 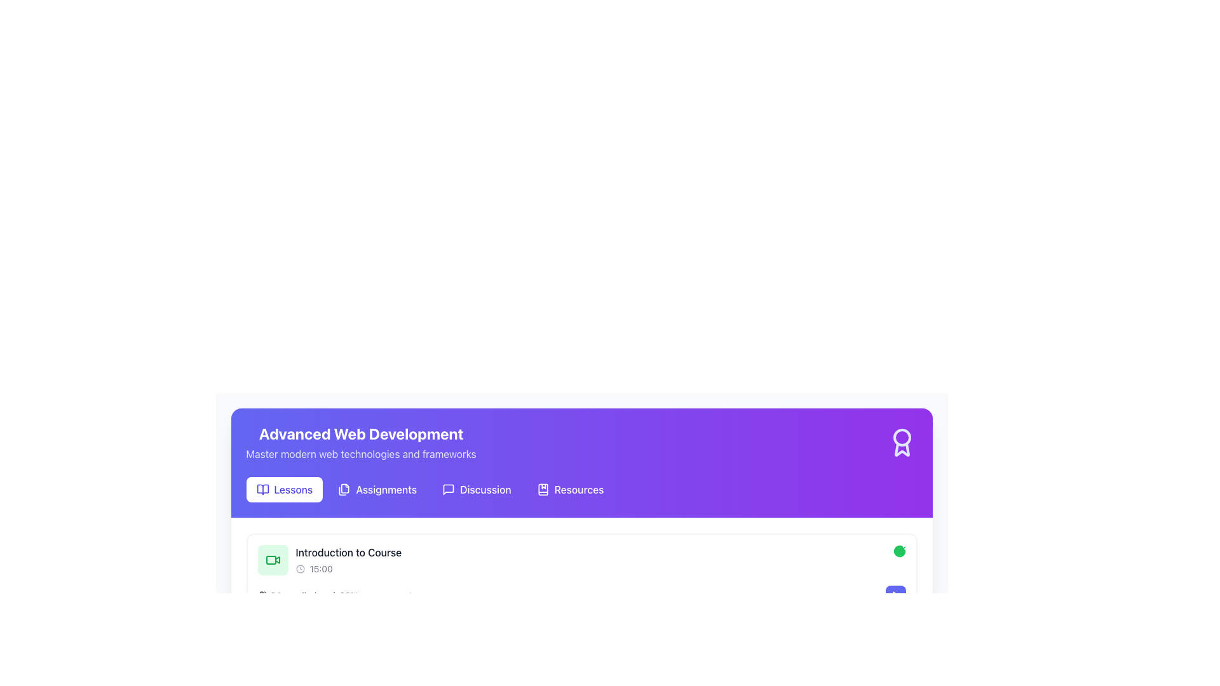 I want to click on text from the text block titled 'Advanced Web Development' with subtitle 'Master modern web technologies and frameworks.', located in the top-central portion of the interface within a purple banner area, so click(x=360, y=442).